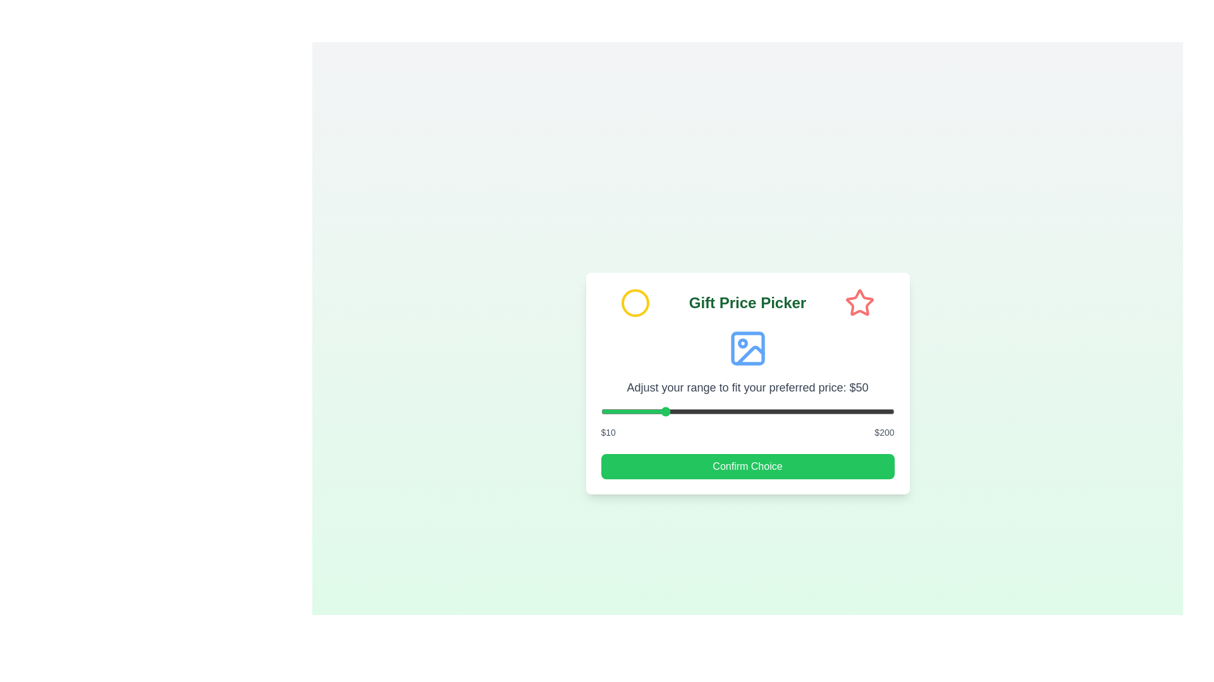  I want to click on the price range slider to 154 dollars, so click(823, 411).